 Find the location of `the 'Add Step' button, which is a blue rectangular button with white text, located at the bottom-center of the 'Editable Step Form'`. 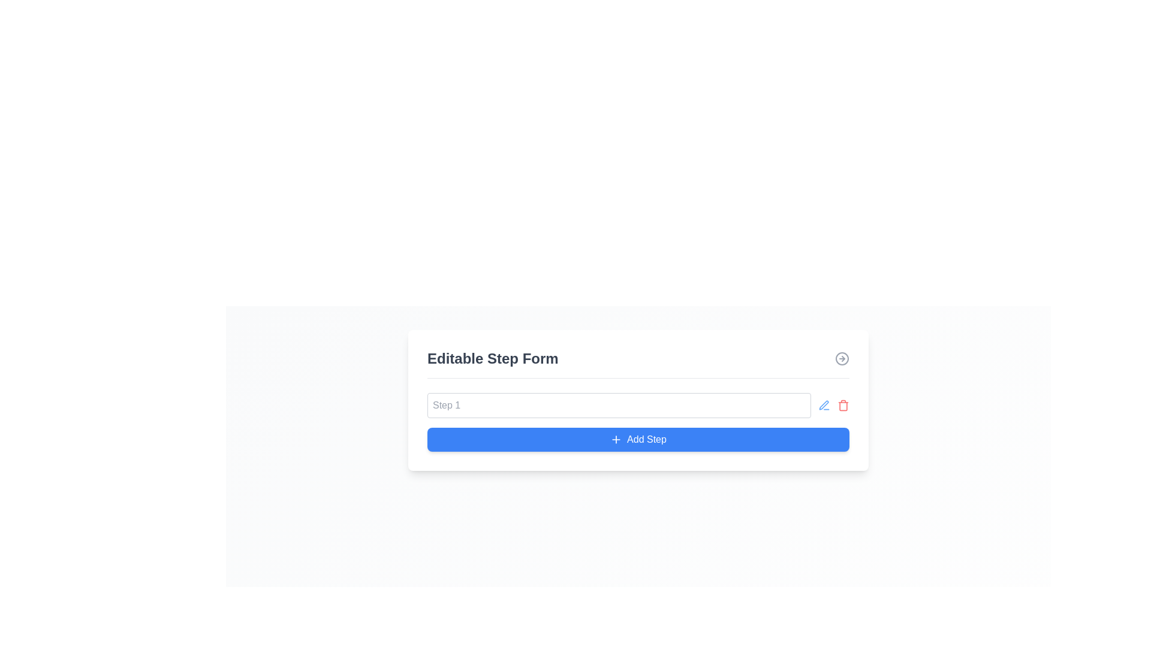

the 'Add Step' button, which is a blue rectangular button with white text, located at the bottom-center of the 'Editable Step Form' is located at coordinates (646, 439).